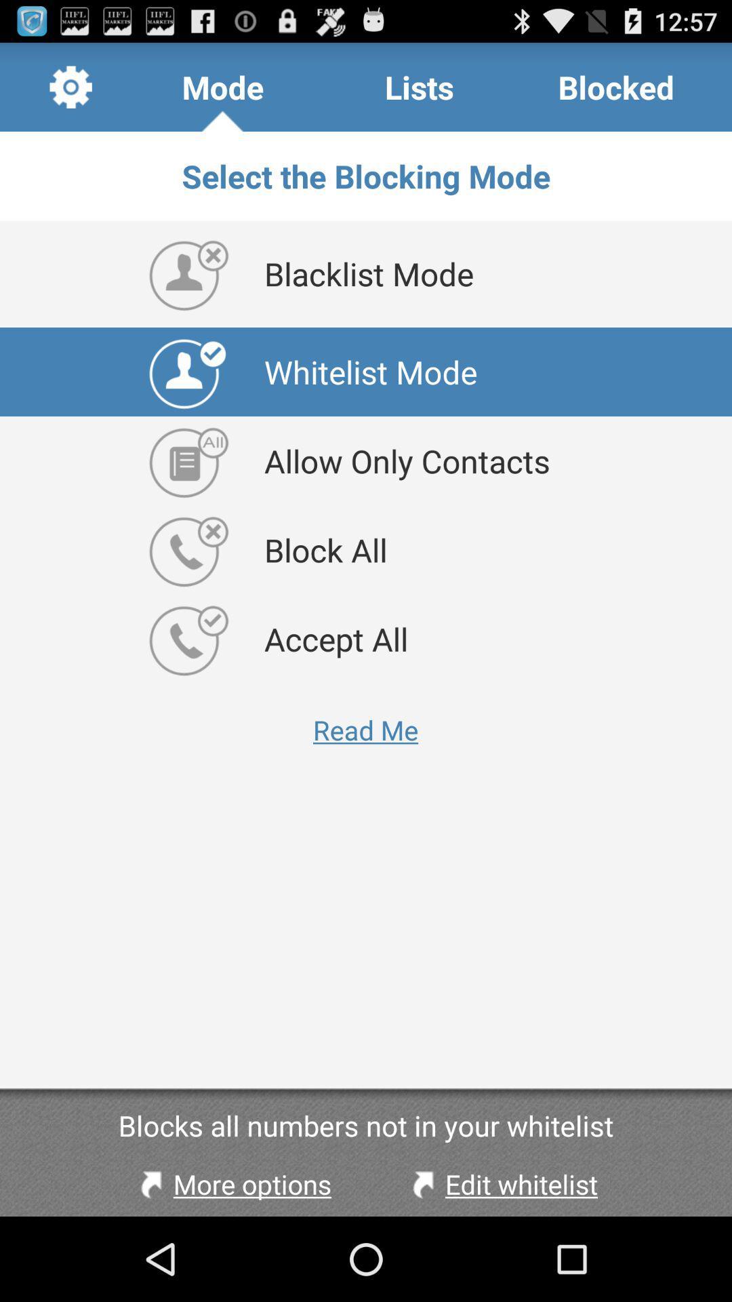 The height and width of the screenshot is (1302, 732). Describe the element at coordinates (502, 1183) in the screenshot. I see `the edit whitelist` at that location.